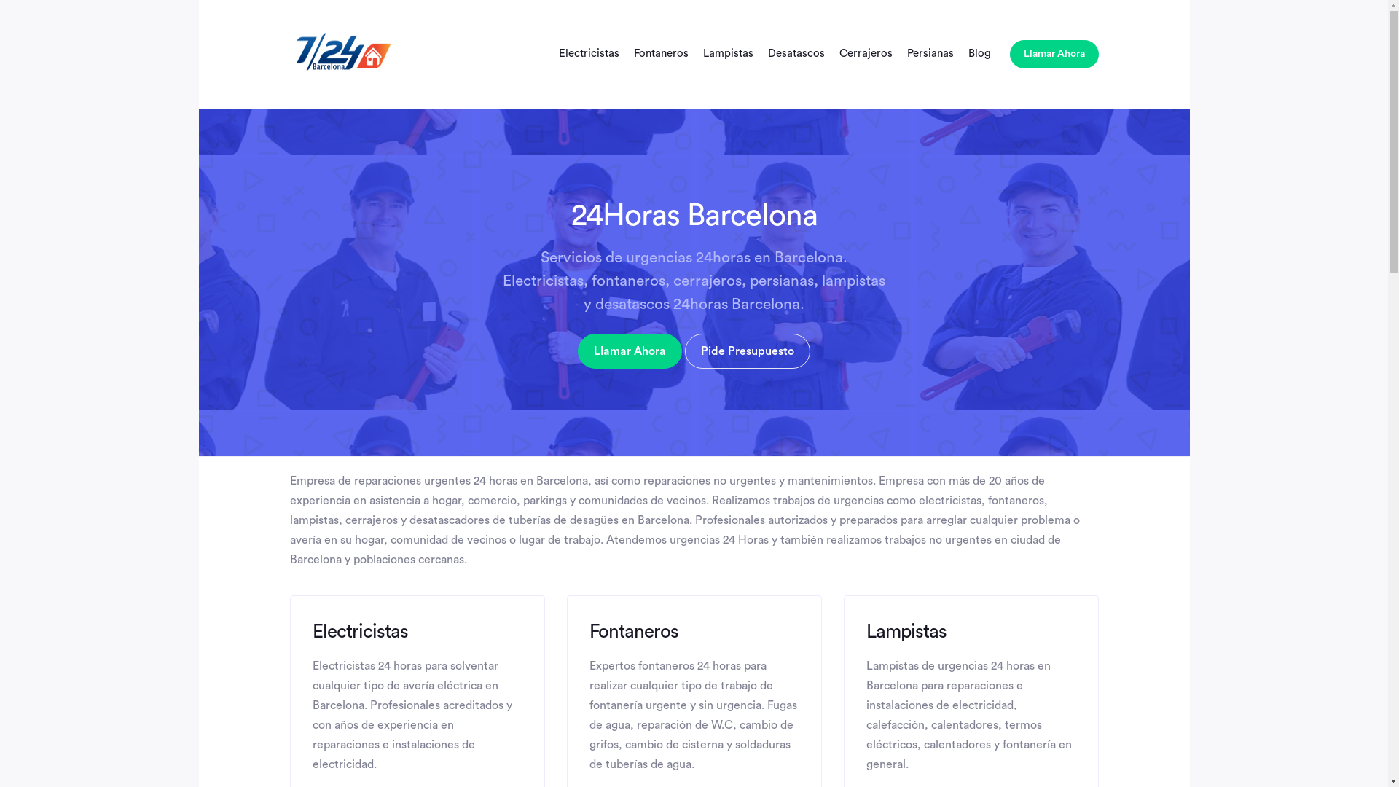 This screenshot has height=787, width=1399. What do you see at coordinates (929, 53) in the screenshot?
I see `'Persianas'` at bounding box center [929, 53].